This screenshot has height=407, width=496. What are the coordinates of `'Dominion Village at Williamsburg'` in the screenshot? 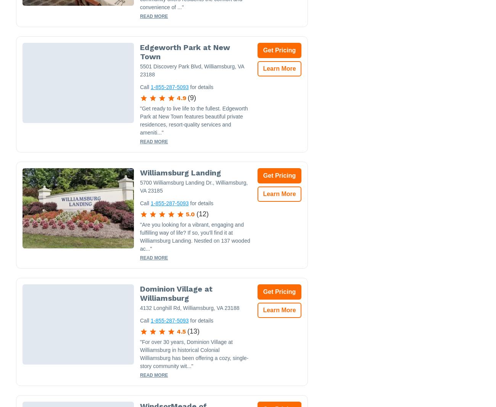 It's located at (176, 293).